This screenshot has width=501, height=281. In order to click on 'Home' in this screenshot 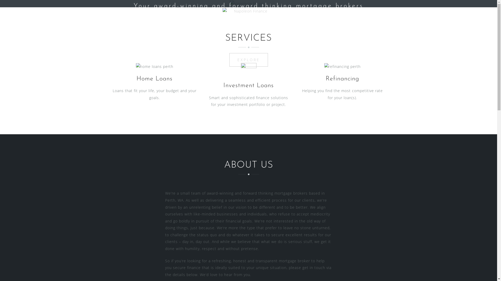, I will do `click(200, 27)`.